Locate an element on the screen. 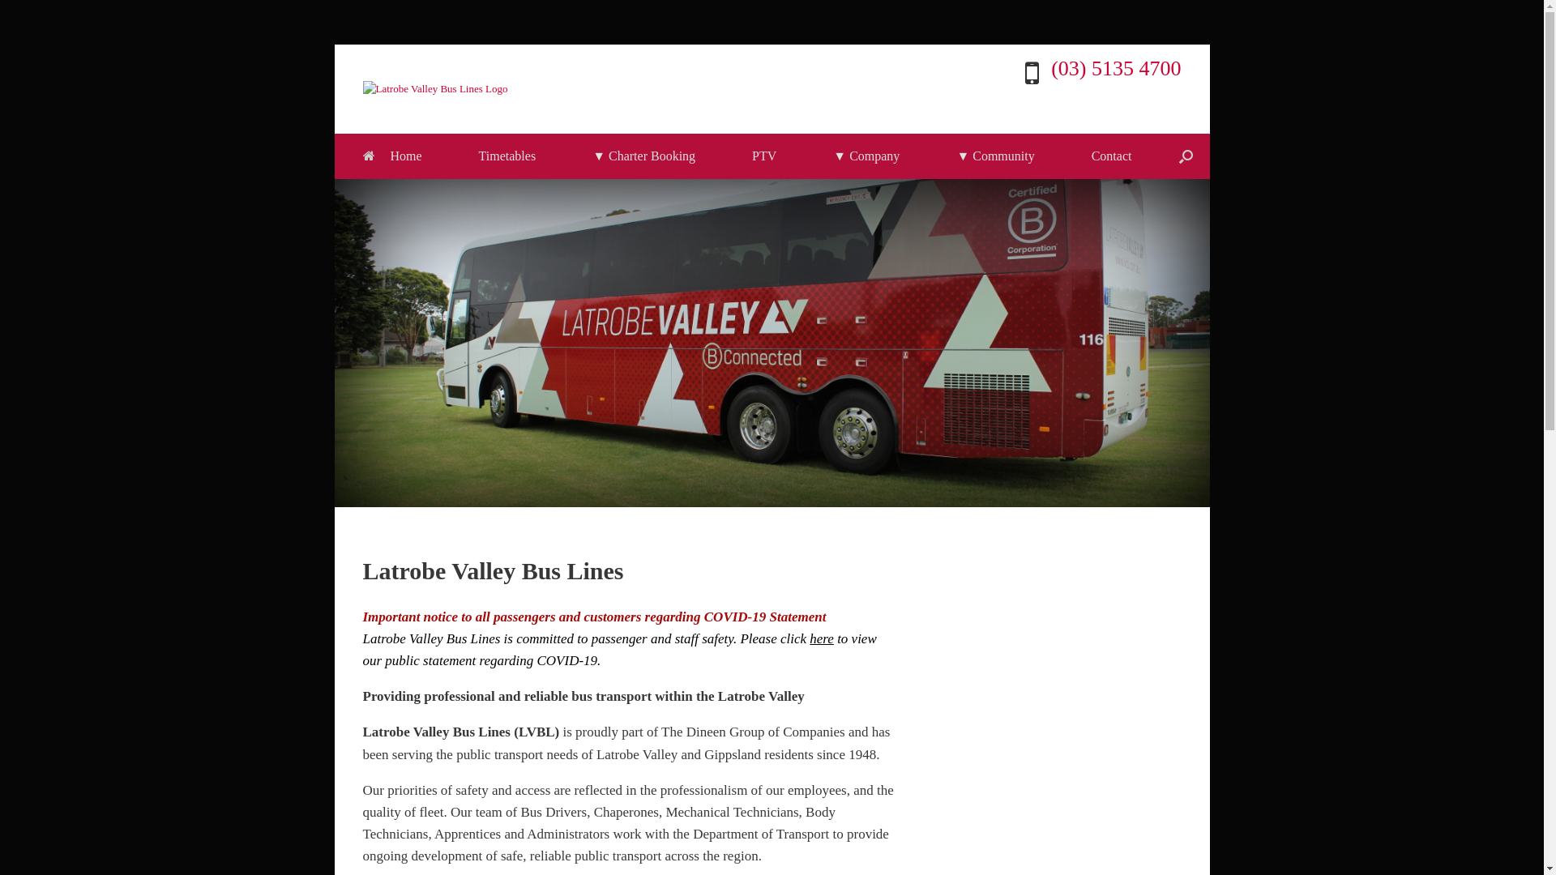  '(03) 5135 4700' is located at coordinates (1115, 67).